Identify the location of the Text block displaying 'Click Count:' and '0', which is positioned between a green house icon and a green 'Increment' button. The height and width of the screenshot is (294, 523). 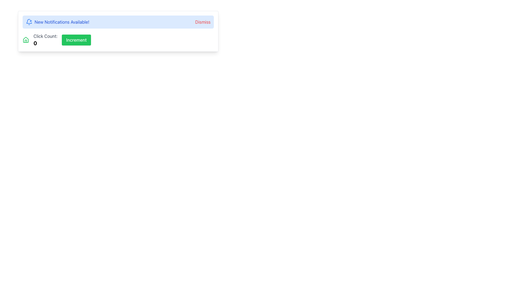
(45, 39).